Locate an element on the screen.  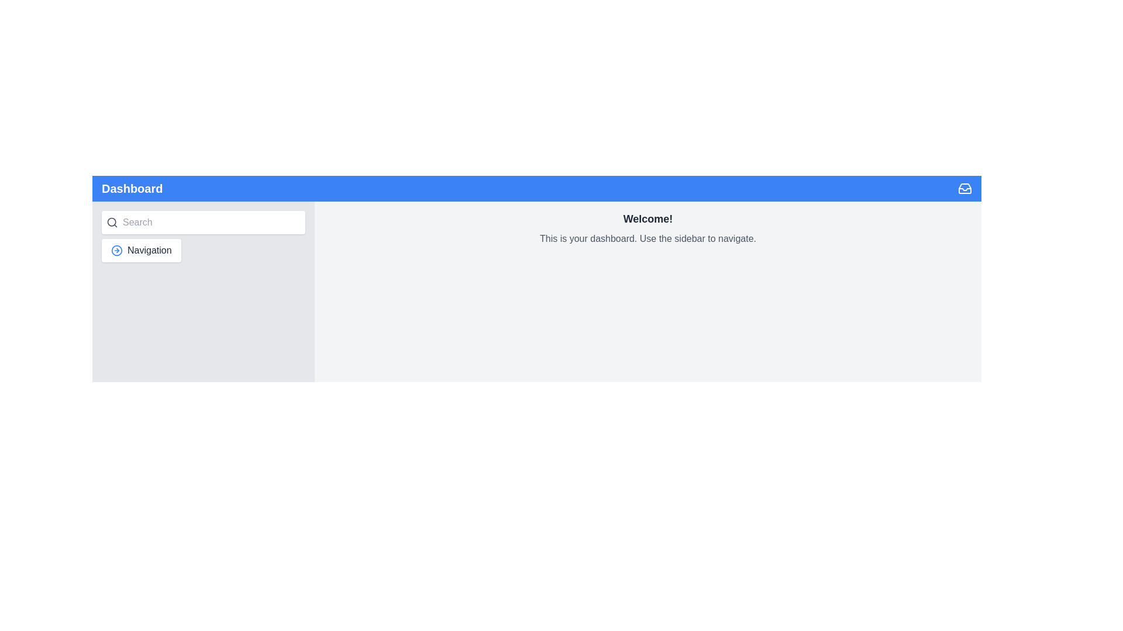
the inbox or notification indicator icon located in the top-right corner of the blue header bar, next to the 'Dashboard' text is located at coordinates (965, 188).